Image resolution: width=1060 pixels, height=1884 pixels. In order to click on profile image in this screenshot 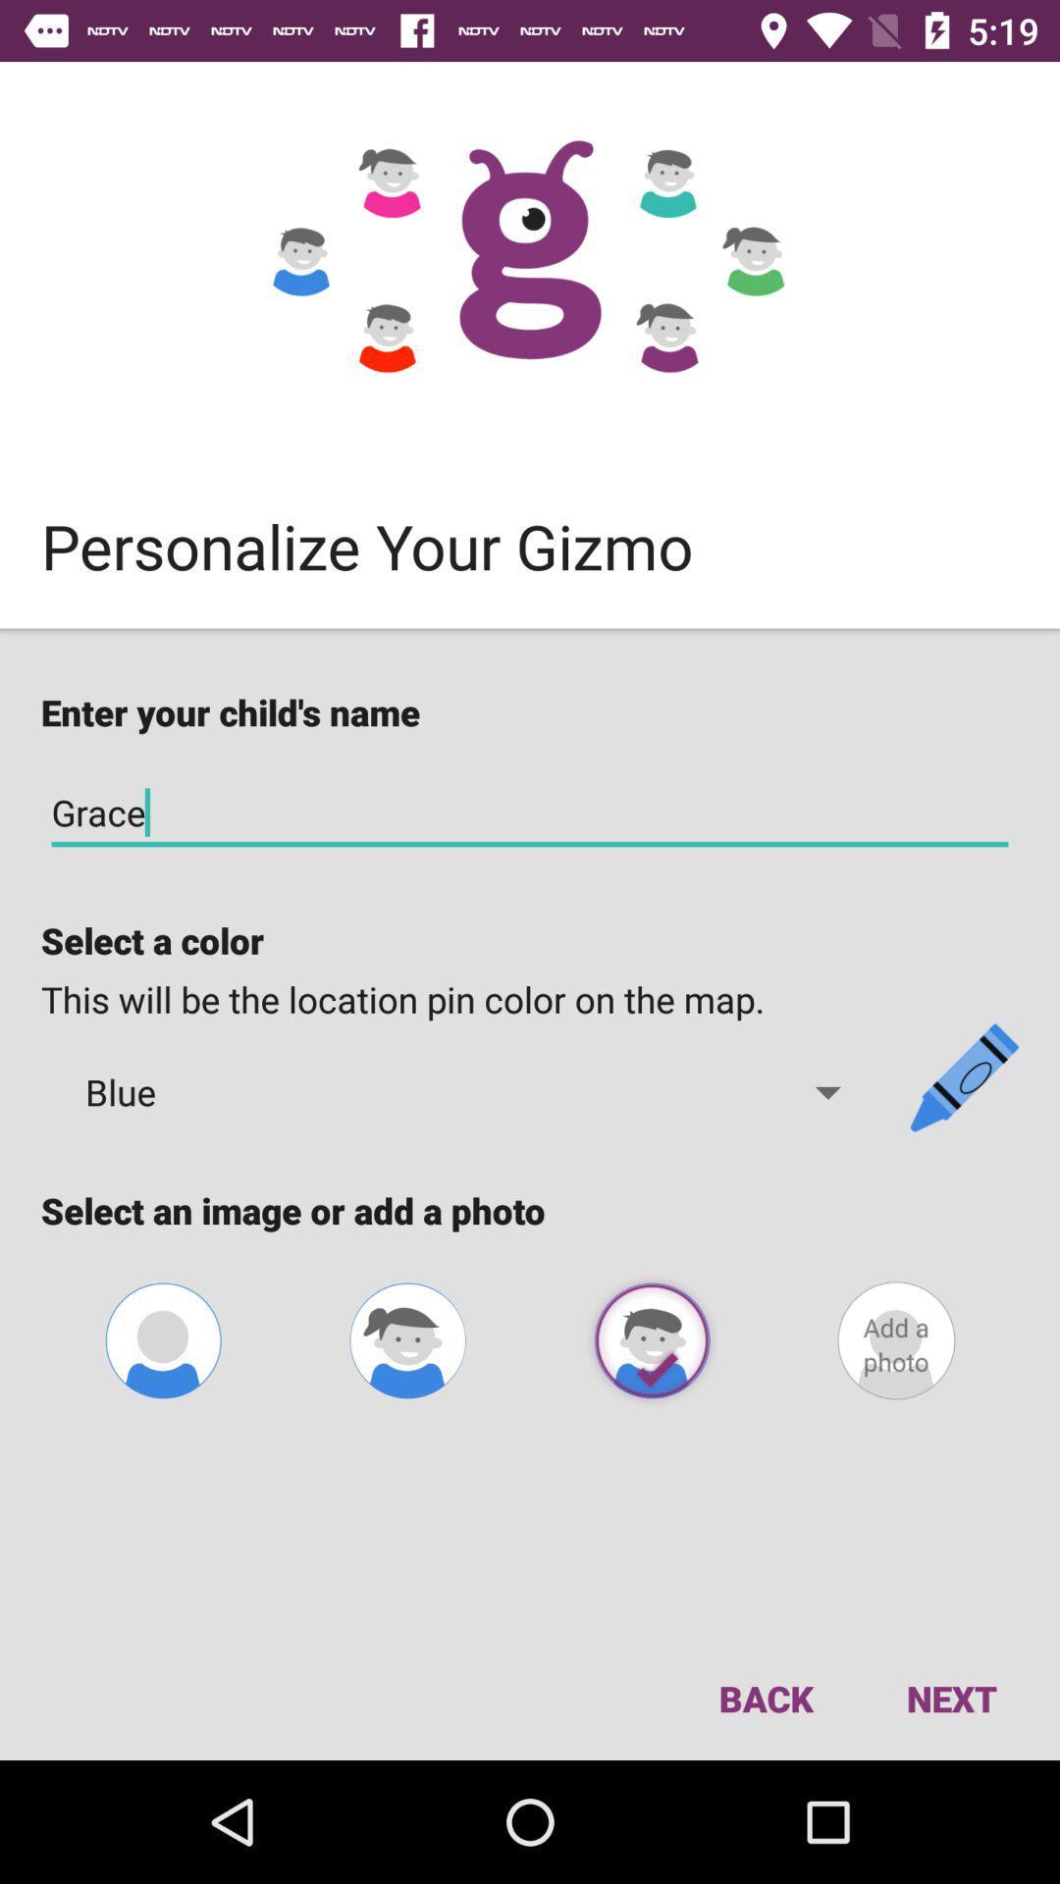, I will do `click(652, 1339)`.